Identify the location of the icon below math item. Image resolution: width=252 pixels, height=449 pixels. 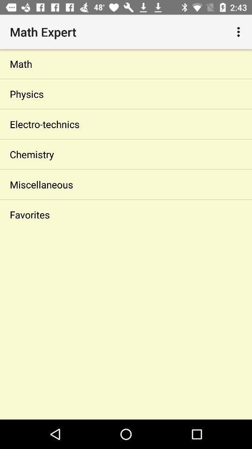
(126, 94).